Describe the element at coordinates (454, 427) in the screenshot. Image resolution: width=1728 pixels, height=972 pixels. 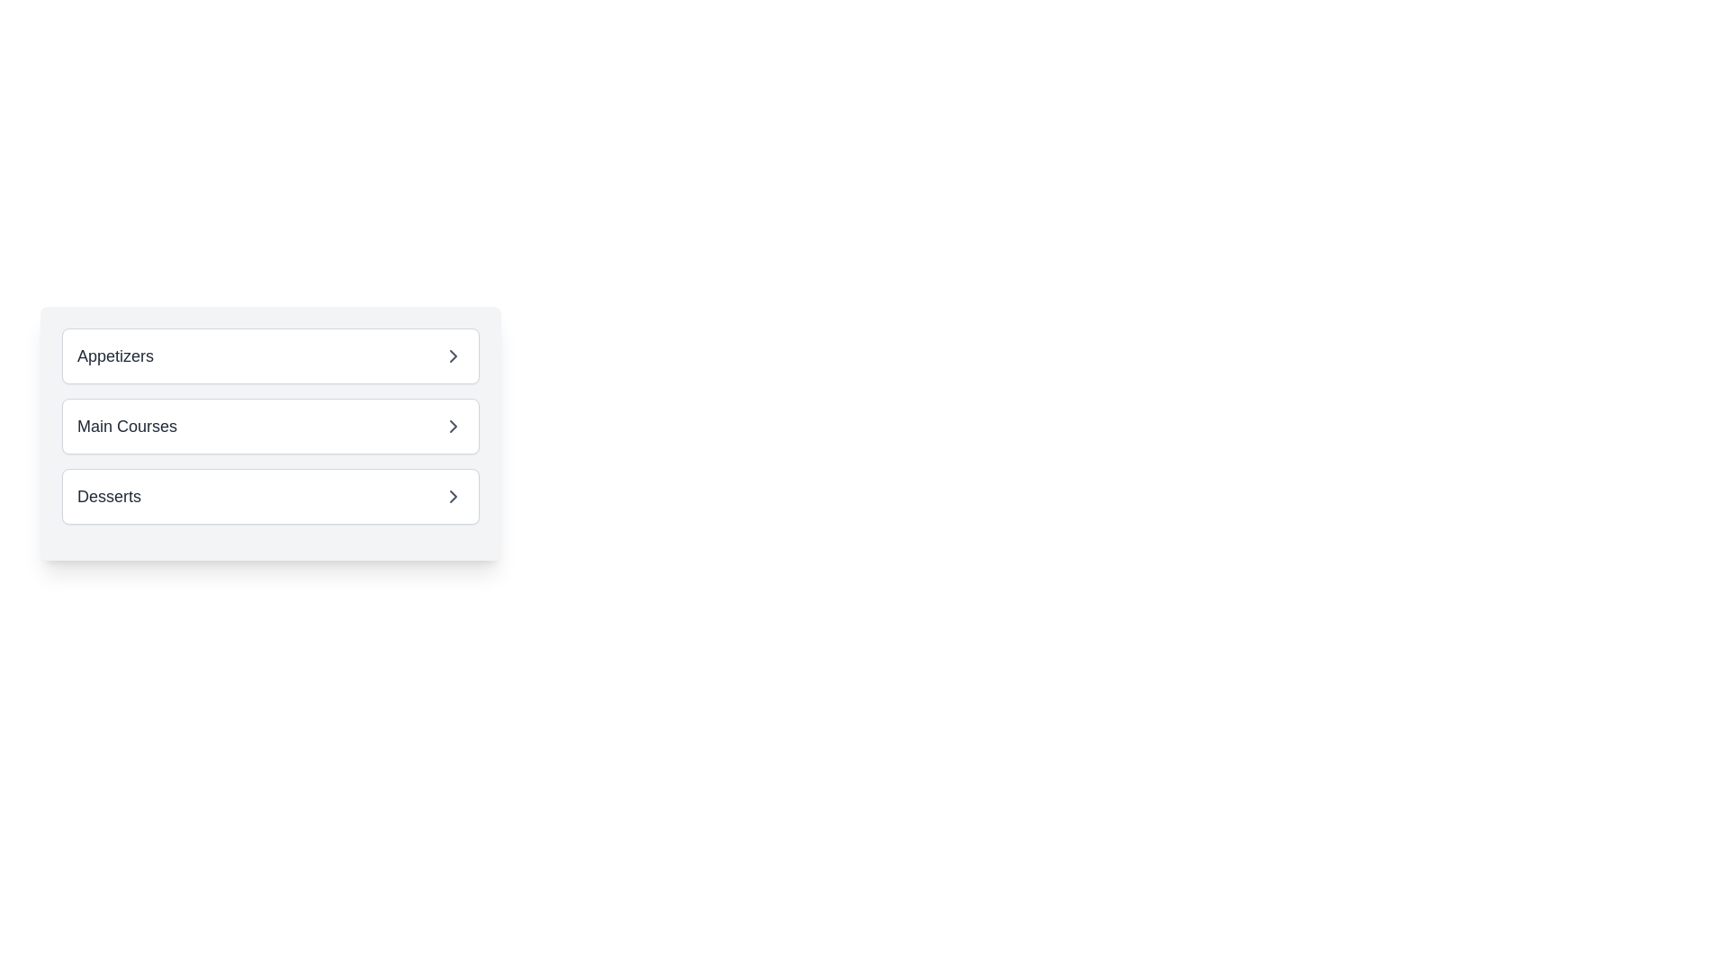
I see `the rightward-pointing chevron icon located to the right of the 'Main Courses' list item` at that location.